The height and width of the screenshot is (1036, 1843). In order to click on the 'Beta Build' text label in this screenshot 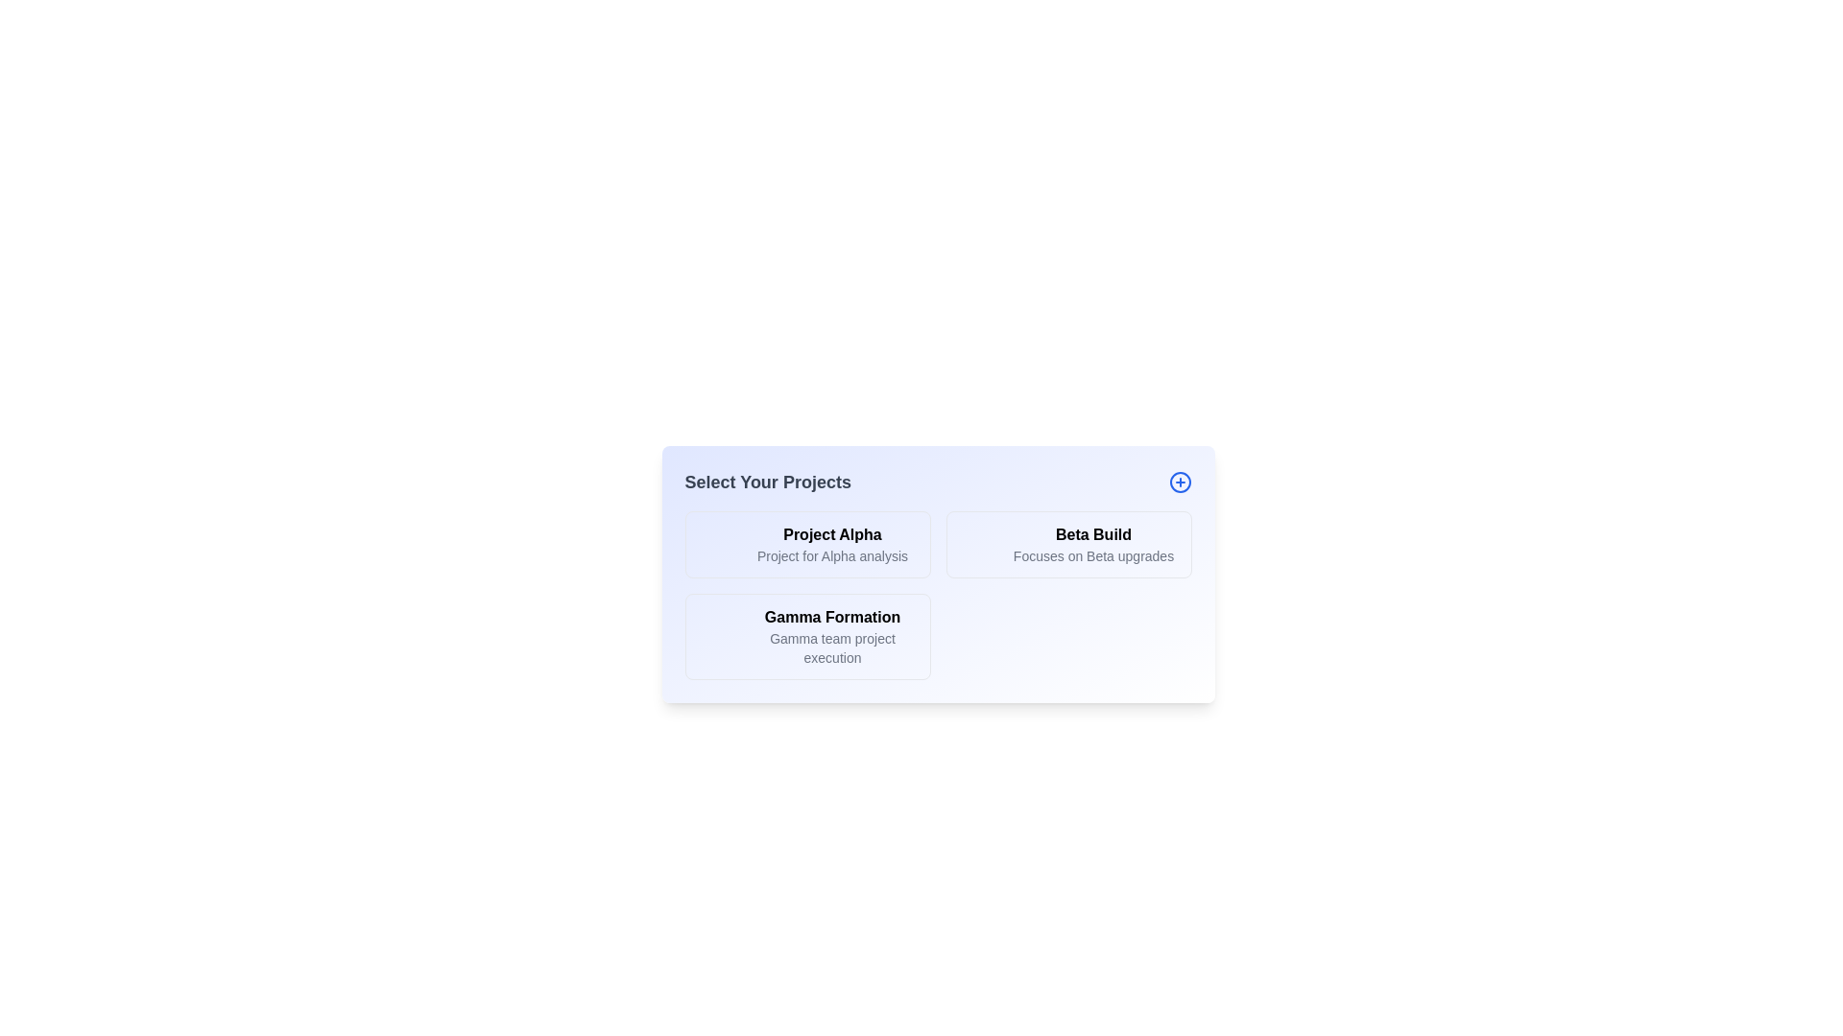, I will do `click(1093, 535)`.